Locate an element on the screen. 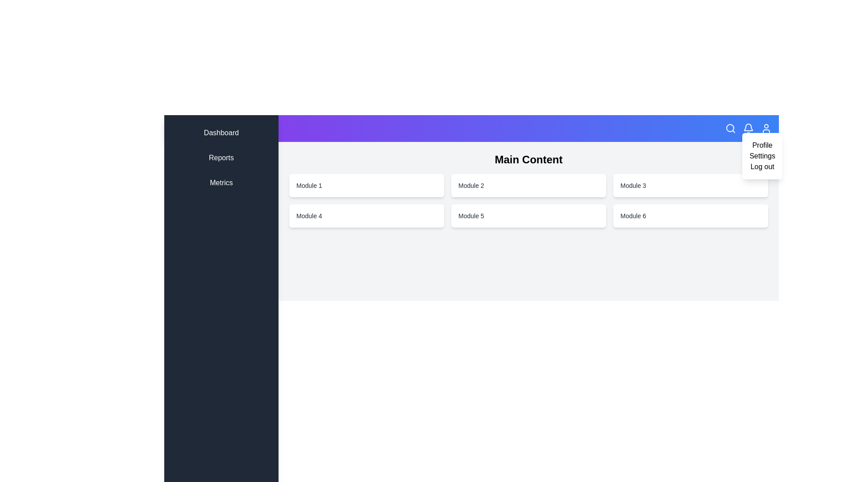  the Text label that identifies the specific module in the second row of modules within the 'Main Content' section is located at coordinates (632, 185).